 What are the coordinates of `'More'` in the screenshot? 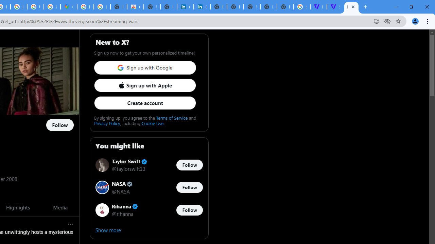 It's located at (71, 224).